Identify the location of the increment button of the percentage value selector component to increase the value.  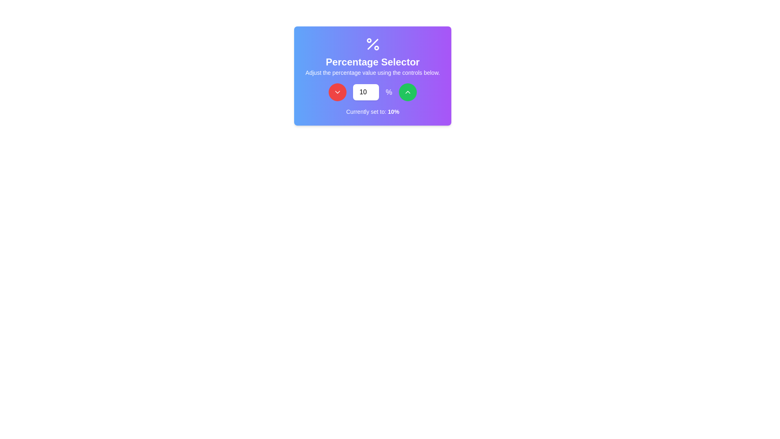
(372, 92).